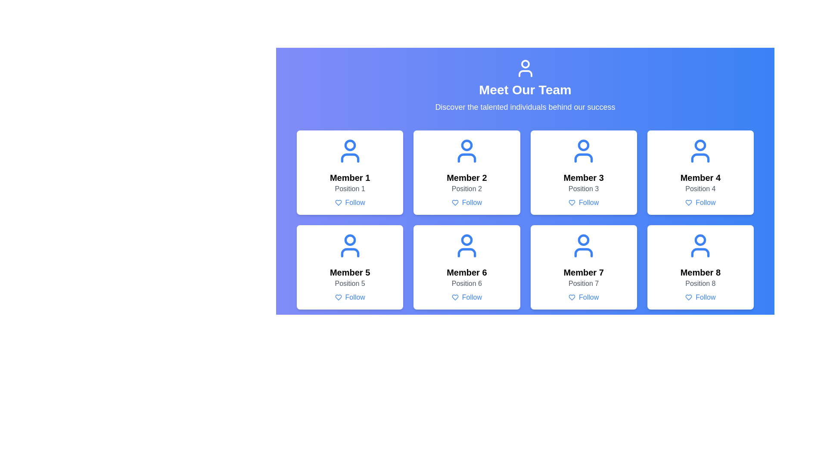 The image size is (827, 465). Describe the element at coordinates (466, 297) in the screenshot. I see `the 'Follow' button located at the bottom of 'Member 6's profile card identified by the text 'Position 6' to follow this member` at that location.